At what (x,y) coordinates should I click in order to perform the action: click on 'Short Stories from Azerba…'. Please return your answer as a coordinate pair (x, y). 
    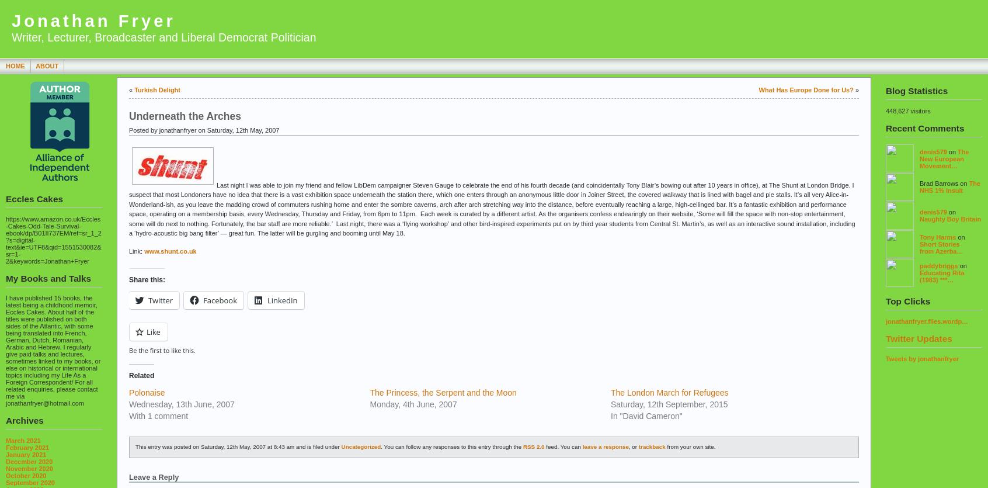
    Looking at the image, I should click on (940, 247).